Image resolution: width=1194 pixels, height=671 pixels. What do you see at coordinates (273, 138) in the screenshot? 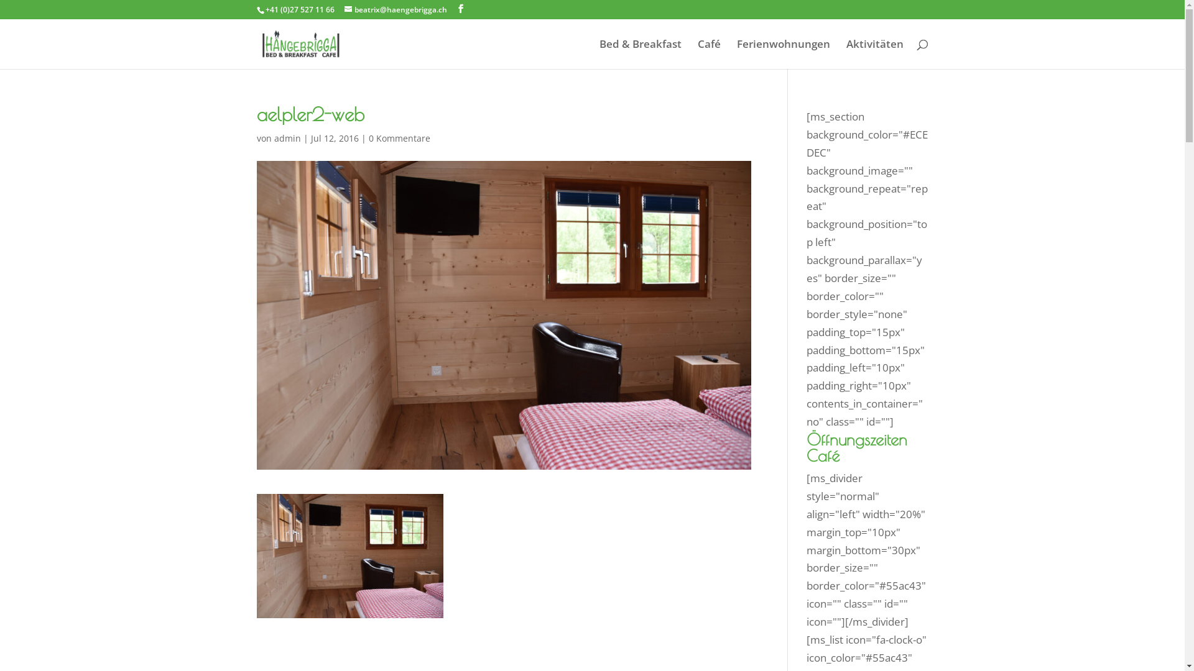
I see `'admin'` at bounding box center [273, 138].